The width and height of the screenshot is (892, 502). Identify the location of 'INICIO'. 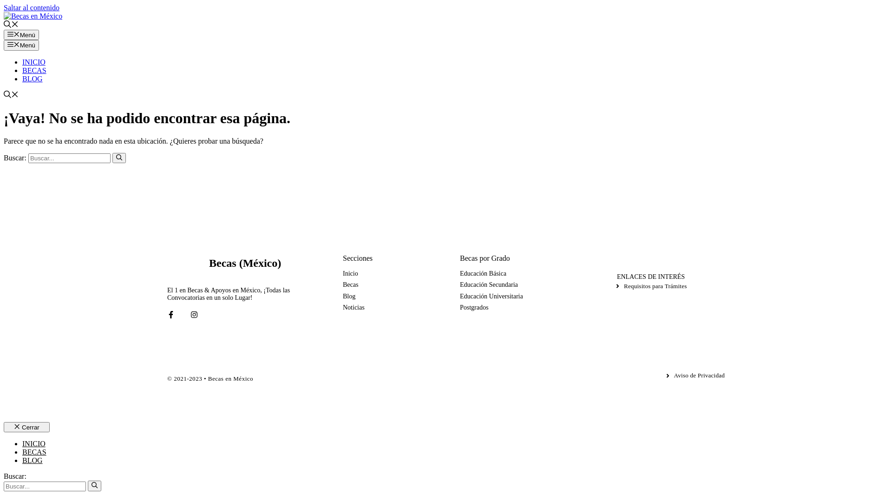
(33, 62).